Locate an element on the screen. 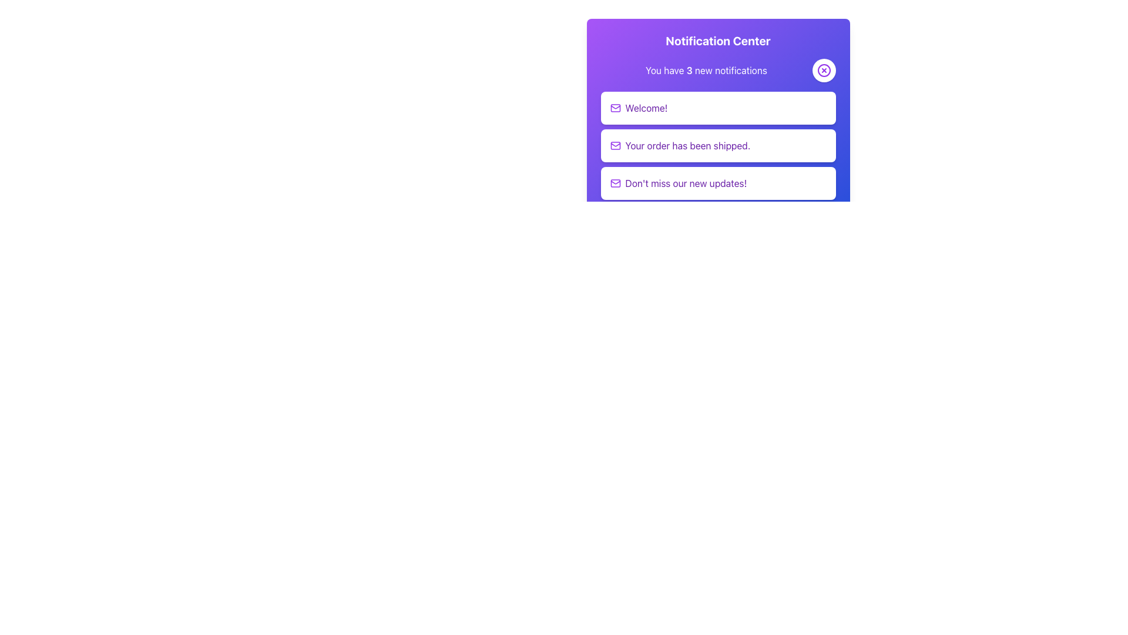 The height and width of the screenshot is (635, 1128). the third notification message in the notification panel that reads "Don't miss our new updates!" is located at coordinates (717, 183).